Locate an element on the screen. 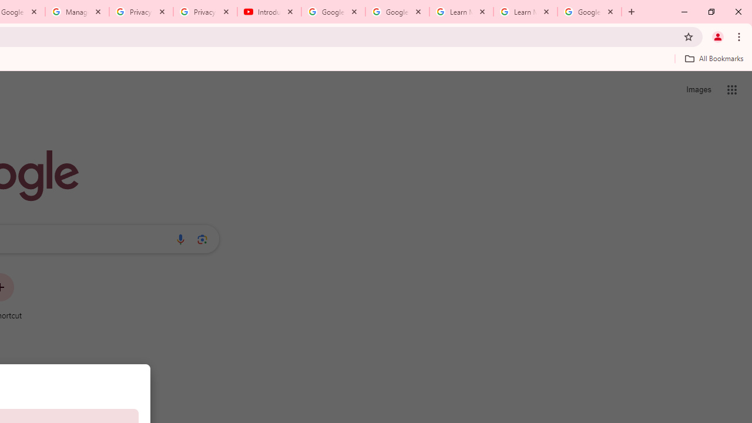 This screenshot has height=423, width=752. 'Introduction | Google Privacy Policy - YouTube' is located at coordinates (268, 12).